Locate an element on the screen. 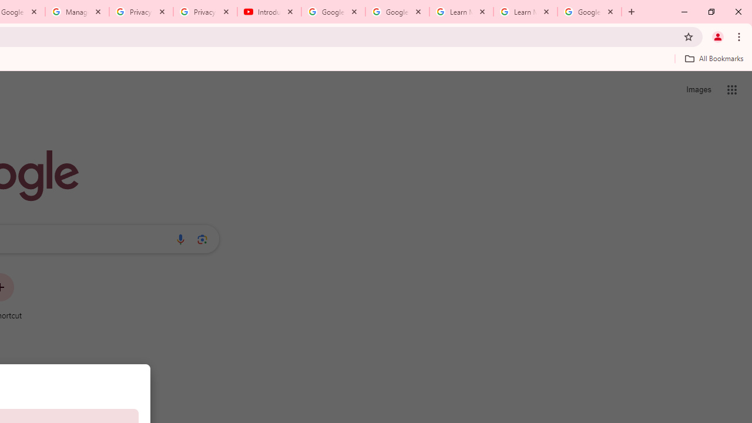 This screenshot has height=423, width=752. 'Introduction | Google Privacy Policy - YouTube' is located at coordinates (268, 12).